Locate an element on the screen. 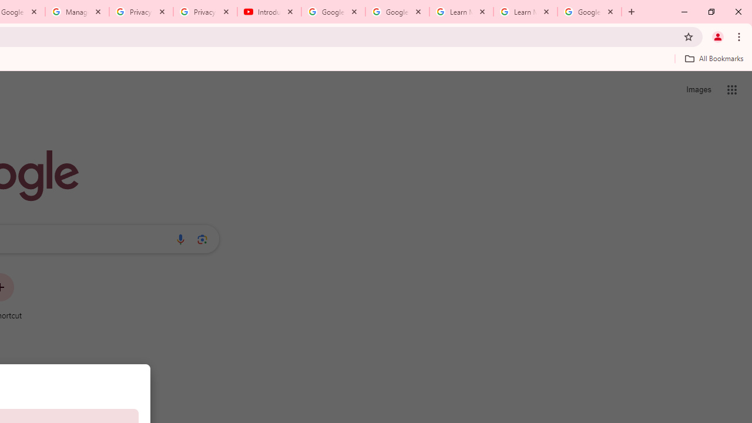 This screenshot has height=423, width=752. 'Introduction | Google Privacy Policy - YouTube' is located at coordinates (268, 12).